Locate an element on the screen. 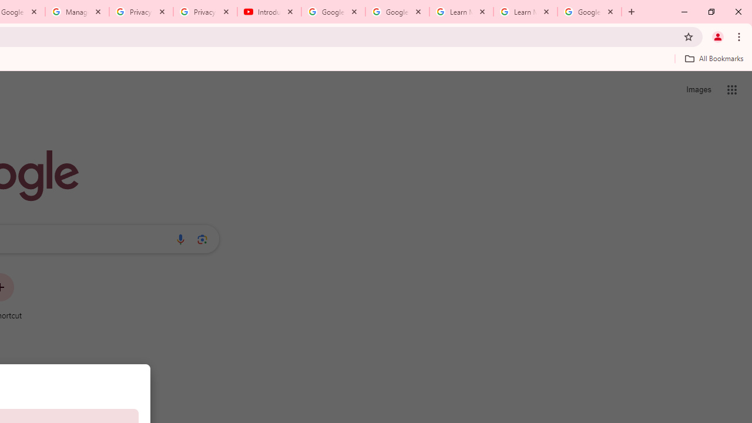 This screenshot has height=423, width=752. 'Introduction | Google Privacy Policy - YouTube' is located at coordinates (268, 12).